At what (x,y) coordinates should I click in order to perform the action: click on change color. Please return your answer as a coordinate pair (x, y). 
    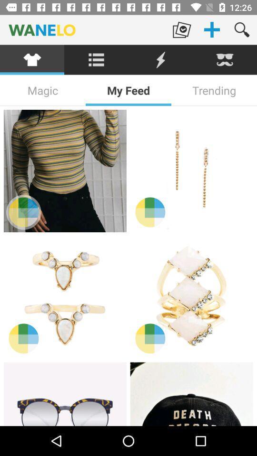
    Looking at the image, I should click on (23, 212).